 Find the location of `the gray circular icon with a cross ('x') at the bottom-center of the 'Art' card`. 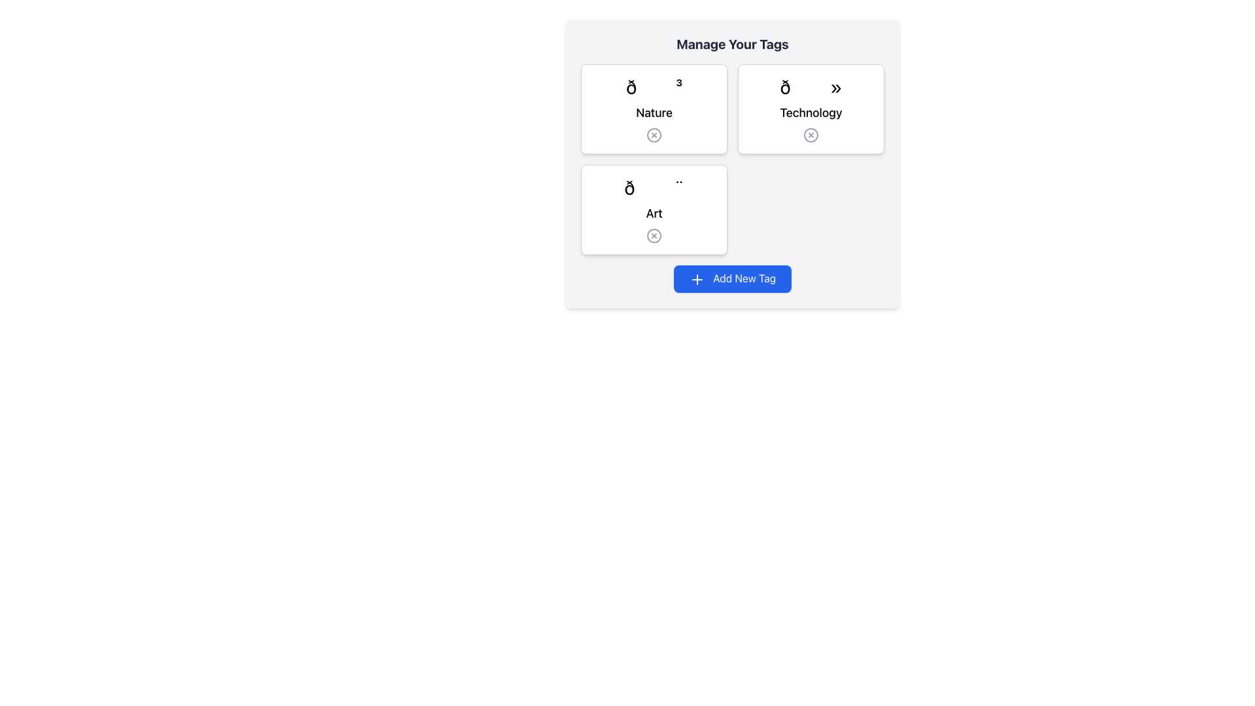

the gray circular icon with a cross ('x') at the bottom-center of the 'Art' card is located at coordinates (654, 236).